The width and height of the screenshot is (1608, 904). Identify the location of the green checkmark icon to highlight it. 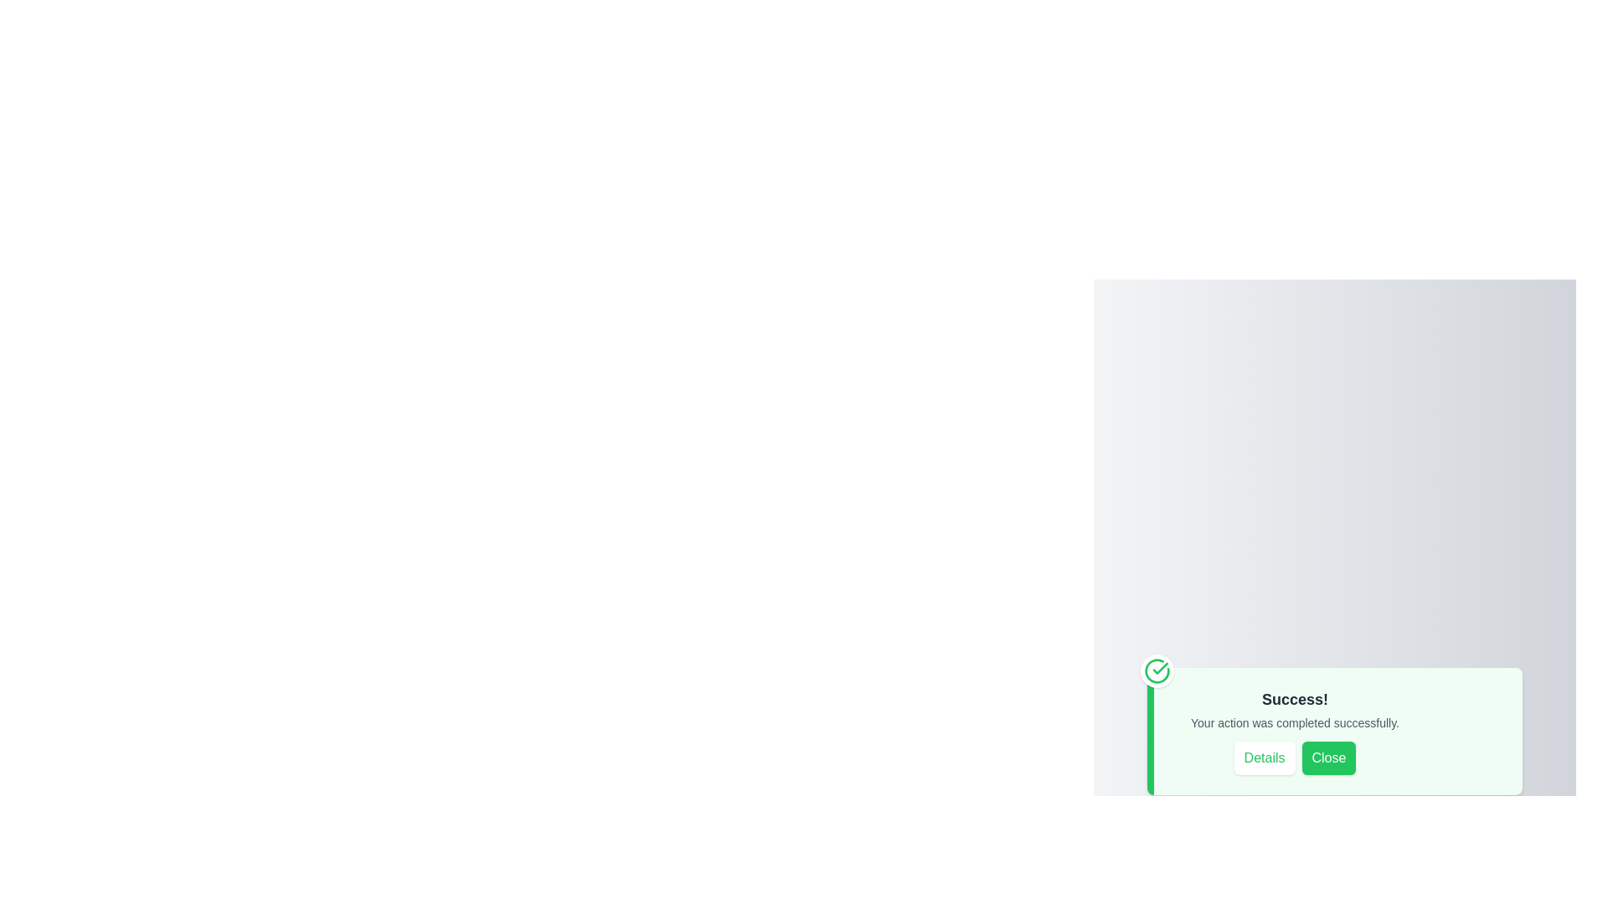
(1157, 670).